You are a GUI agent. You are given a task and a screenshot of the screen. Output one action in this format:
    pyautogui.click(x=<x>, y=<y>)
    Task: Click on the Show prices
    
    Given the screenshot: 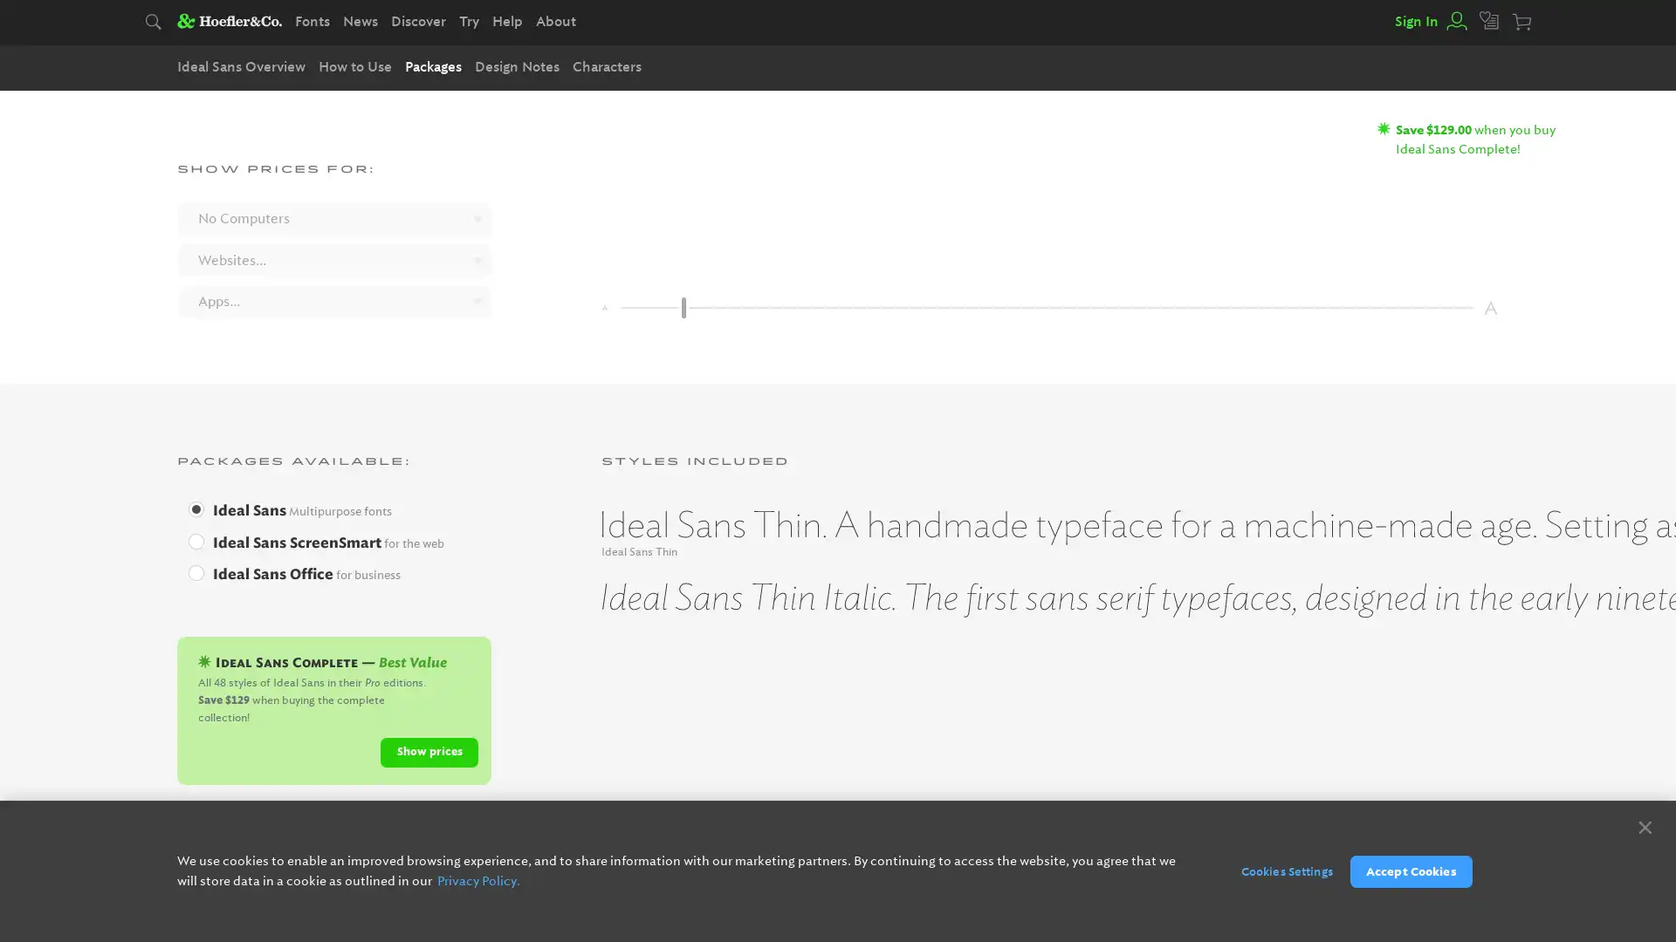 What is the action you would take?
    pyautogui.click(x=429, y=752)
    